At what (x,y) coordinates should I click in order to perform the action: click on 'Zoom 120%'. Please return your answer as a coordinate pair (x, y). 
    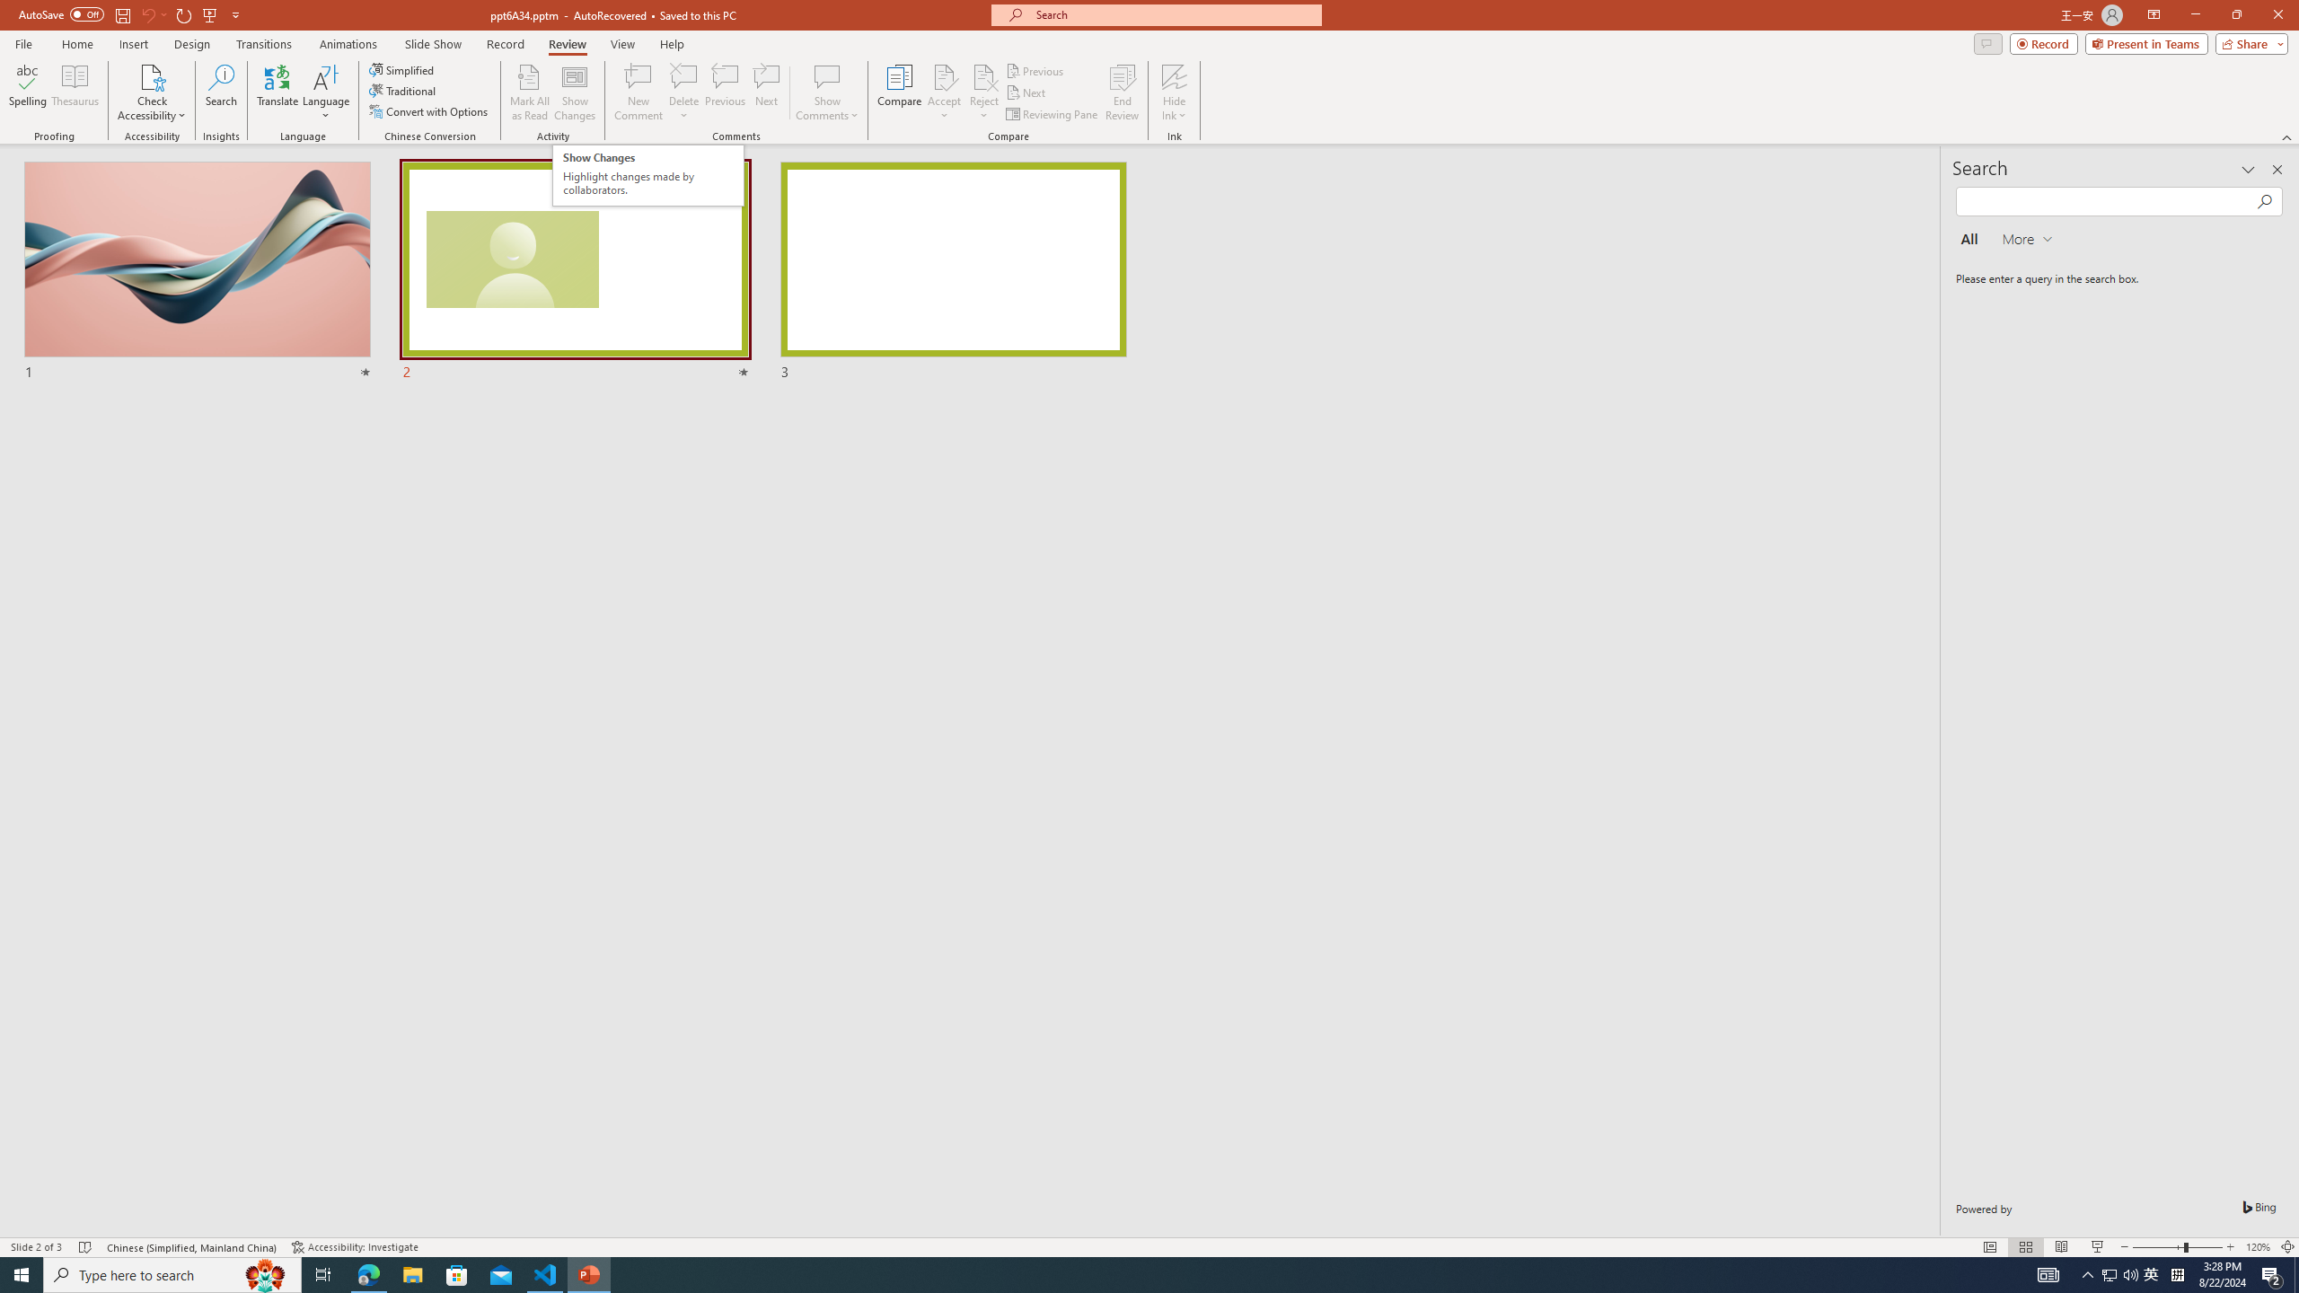
    Looking at the image, I should click on (2259, 1247).